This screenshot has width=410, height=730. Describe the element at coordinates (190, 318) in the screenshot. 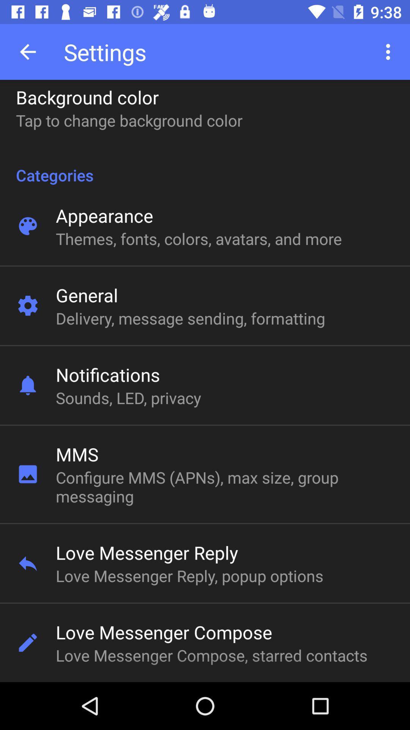

I see `icon at the center` at that location.